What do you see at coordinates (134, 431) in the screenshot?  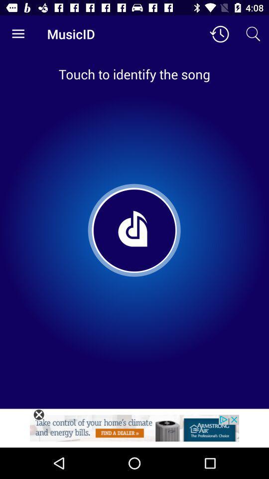 I see `advertisement` at bounding box center [134, 431].